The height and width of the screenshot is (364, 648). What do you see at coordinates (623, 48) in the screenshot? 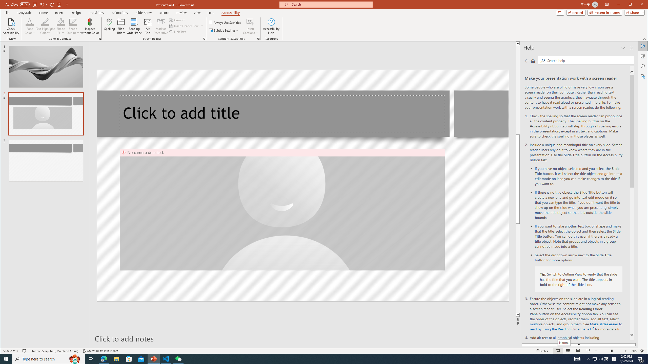
I see `'Task Pane Options'` at bounding box center [623, 48].